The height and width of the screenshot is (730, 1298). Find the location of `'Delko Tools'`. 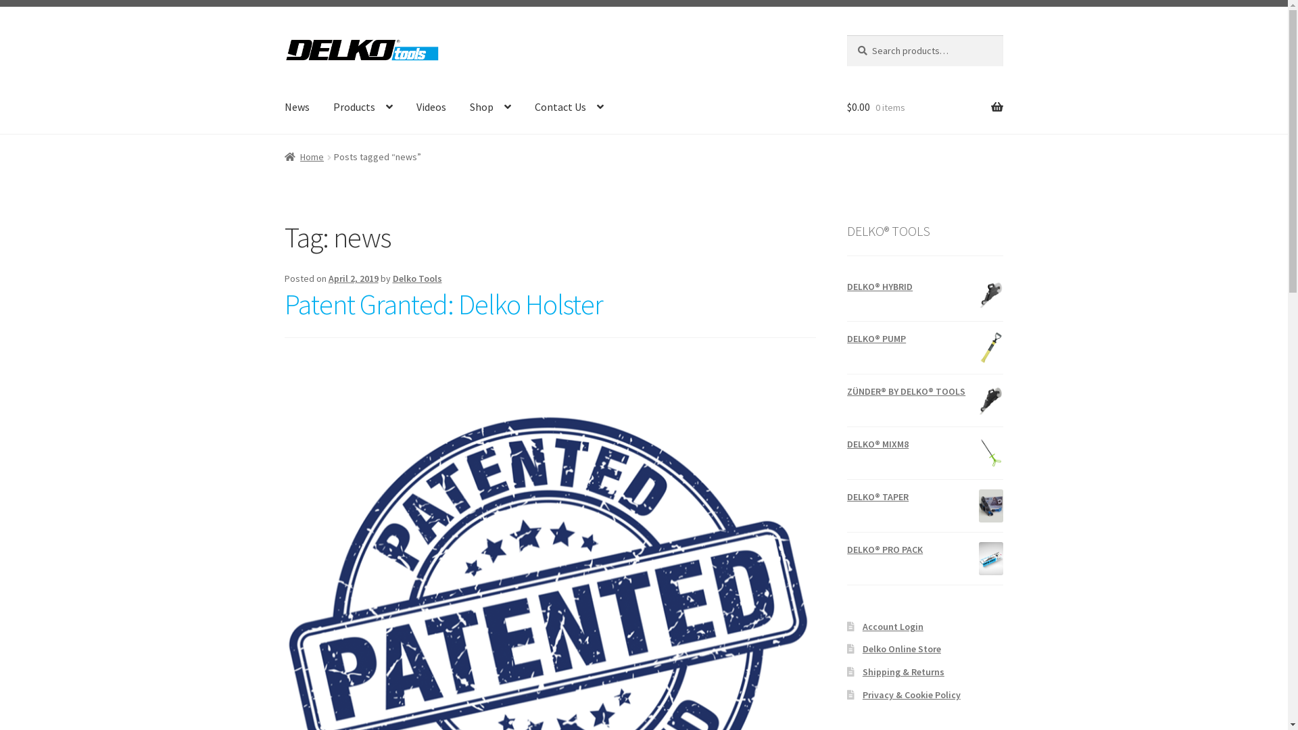

'Delko Tools' is located at coordinates (416, 278).